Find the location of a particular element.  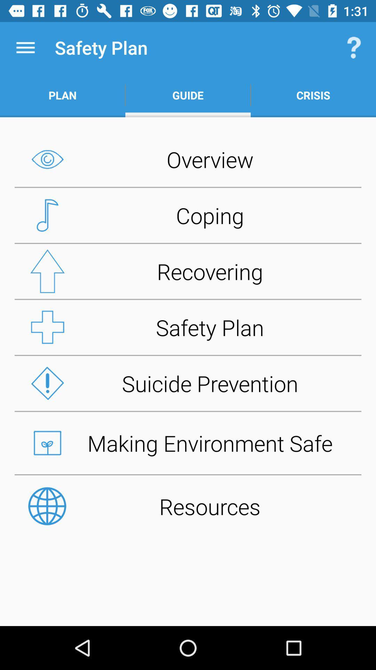

the coping icon is located at coordinates (188, 215).